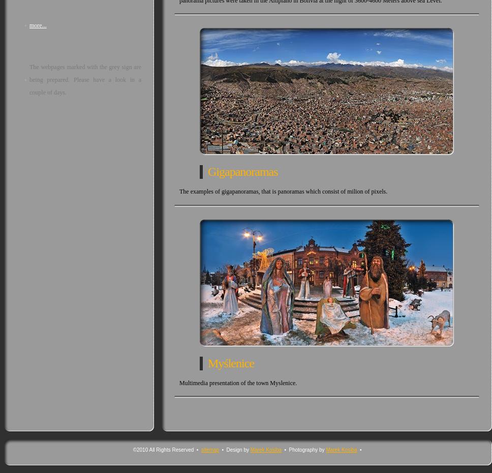  Describe the element at coordinates (85, 79) in the screenshot. I see `'The webpages marked with the grey sign are being prepared. Please have a look in a  couple of days.'` at that location.